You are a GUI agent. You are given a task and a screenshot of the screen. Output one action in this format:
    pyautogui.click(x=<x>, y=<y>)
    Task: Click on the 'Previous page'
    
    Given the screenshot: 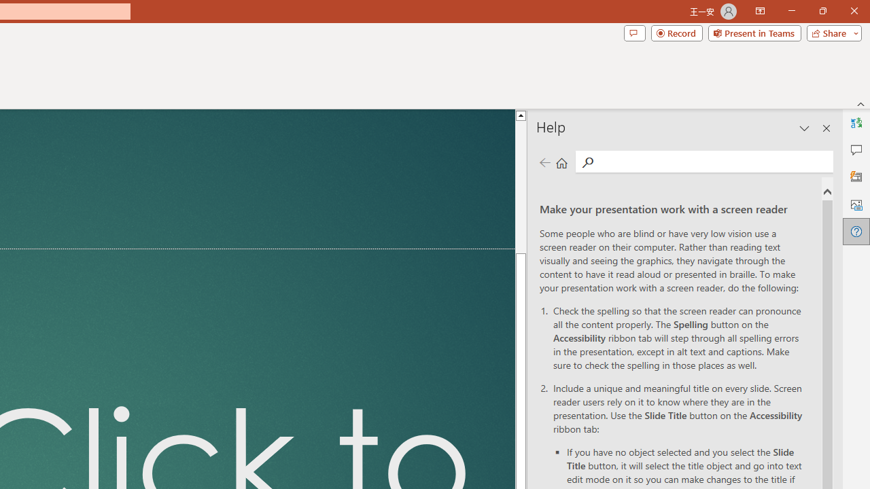 What is the action you would take?
    pyautogui.click(x=544, y=162)
    